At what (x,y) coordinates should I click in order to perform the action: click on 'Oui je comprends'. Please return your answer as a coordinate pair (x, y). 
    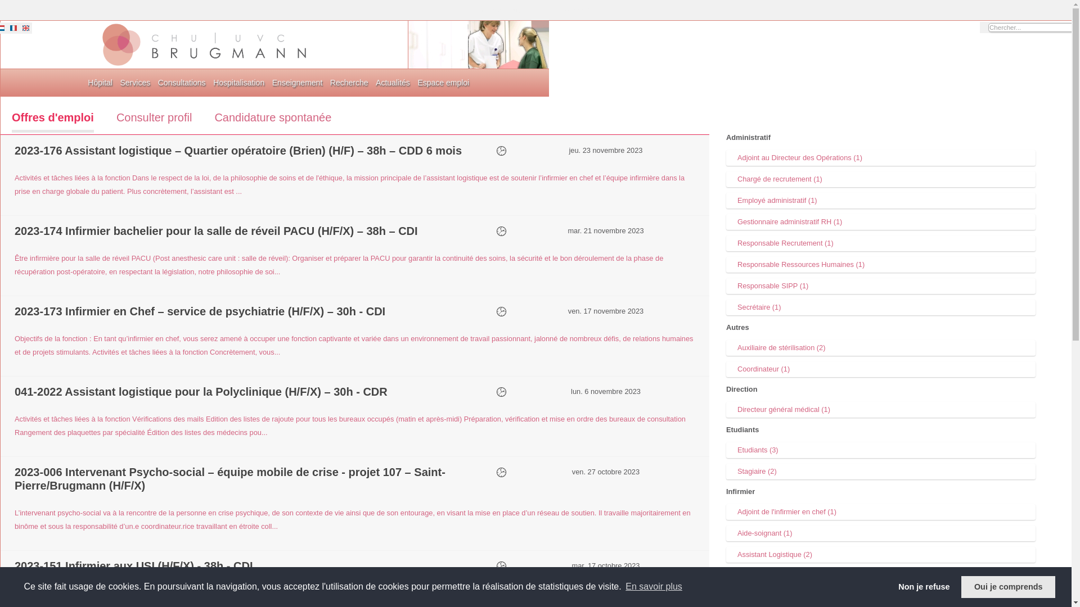
    Looking at the image, I should click on (1008, 586).